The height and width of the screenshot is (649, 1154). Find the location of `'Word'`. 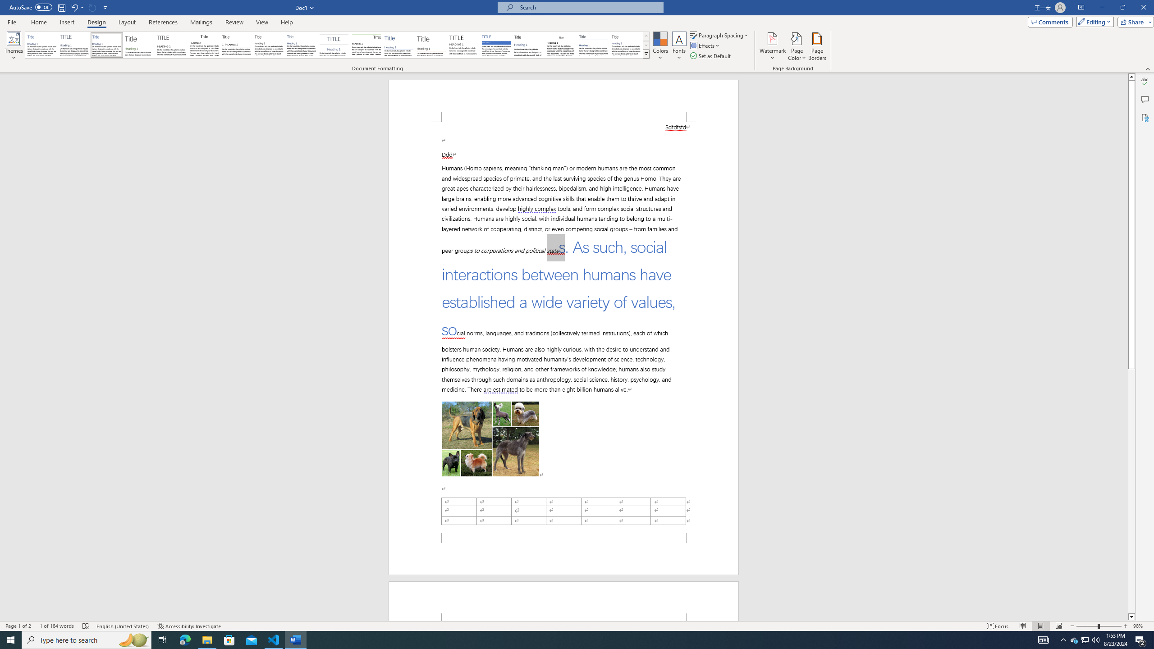

'Word' is located at coordinates (528, 45).